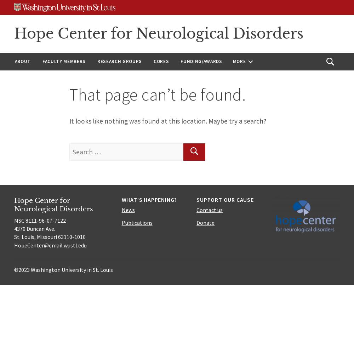 The image size is (354, 354). I want to click on 'HC Scholar', so click(195, 106).